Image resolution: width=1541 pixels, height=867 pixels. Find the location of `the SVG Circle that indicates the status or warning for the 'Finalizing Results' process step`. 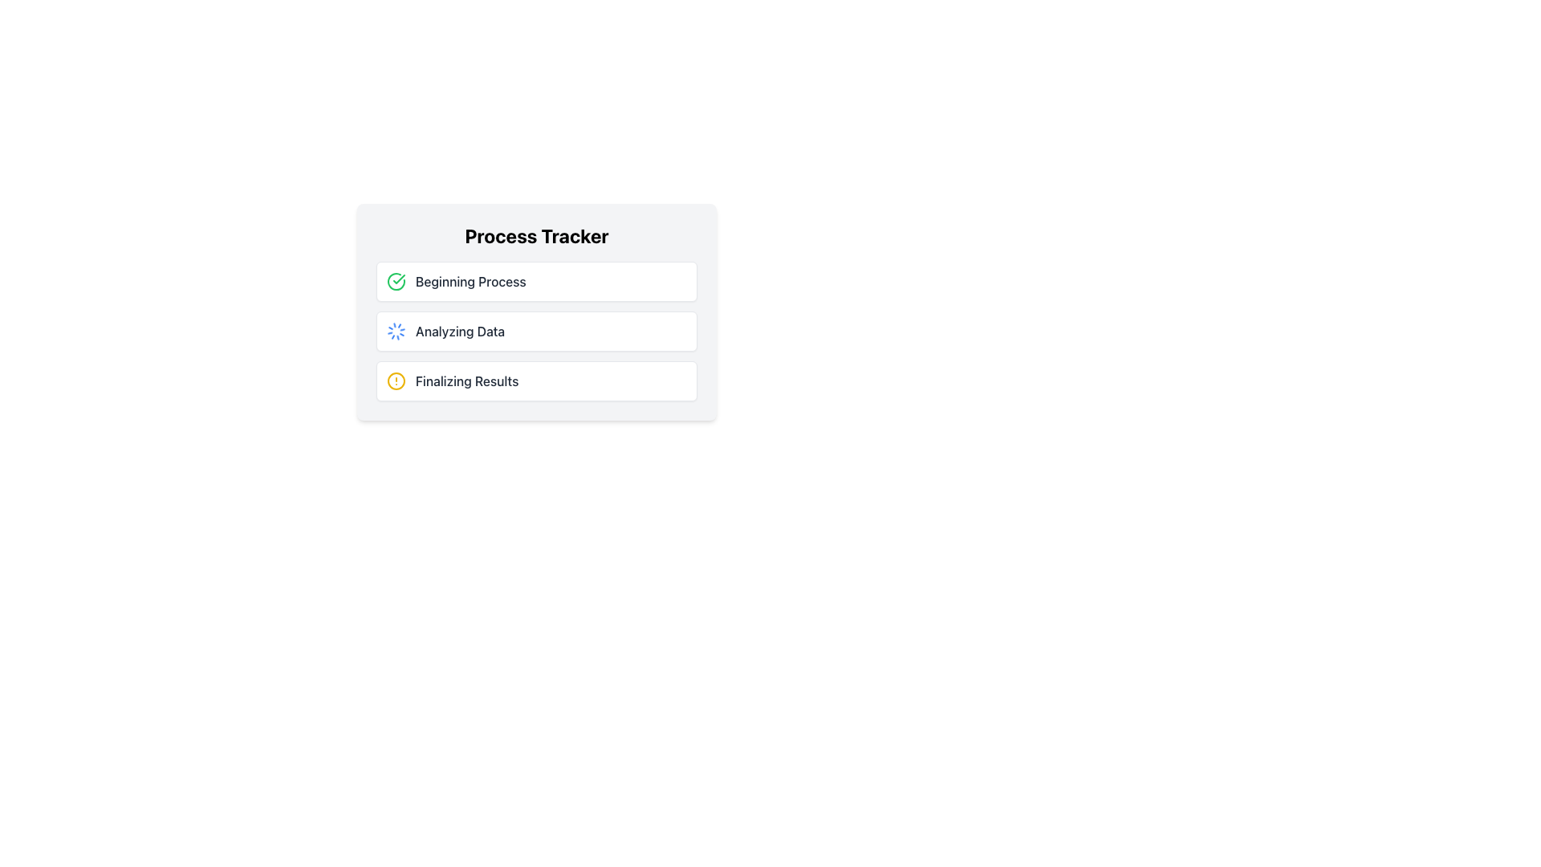

the SVG Circle that indicates the status or warning for the 'Finalizing Results' process step is located at coordinates (396, 381).